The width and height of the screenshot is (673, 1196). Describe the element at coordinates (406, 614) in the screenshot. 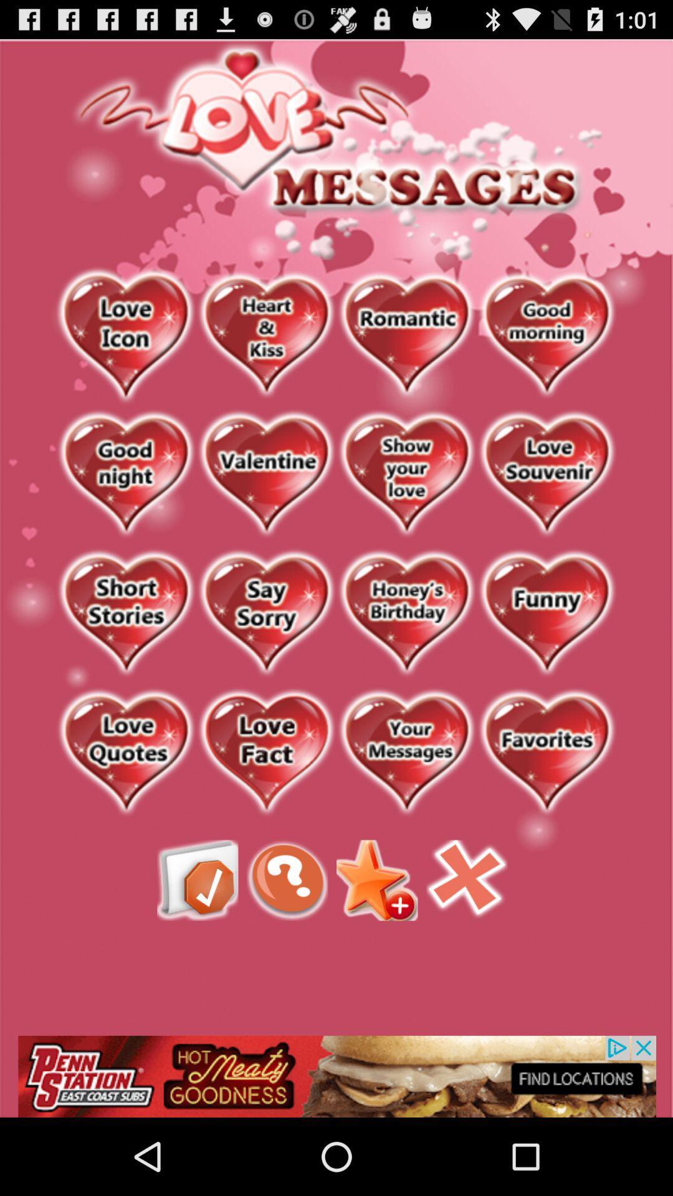

I see `message honeys birthday` at that location.